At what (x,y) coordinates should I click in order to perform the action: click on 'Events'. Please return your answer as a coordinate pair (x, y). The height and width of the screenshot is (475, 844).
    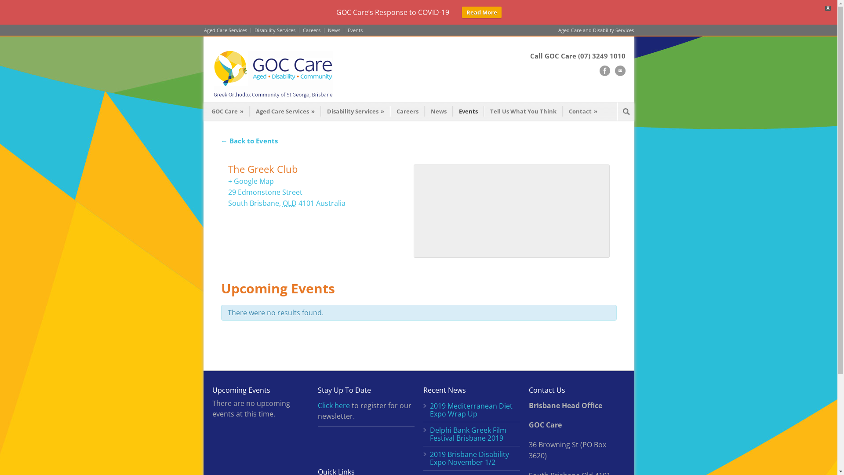
    Looking at the image, I should click on (468, 111).